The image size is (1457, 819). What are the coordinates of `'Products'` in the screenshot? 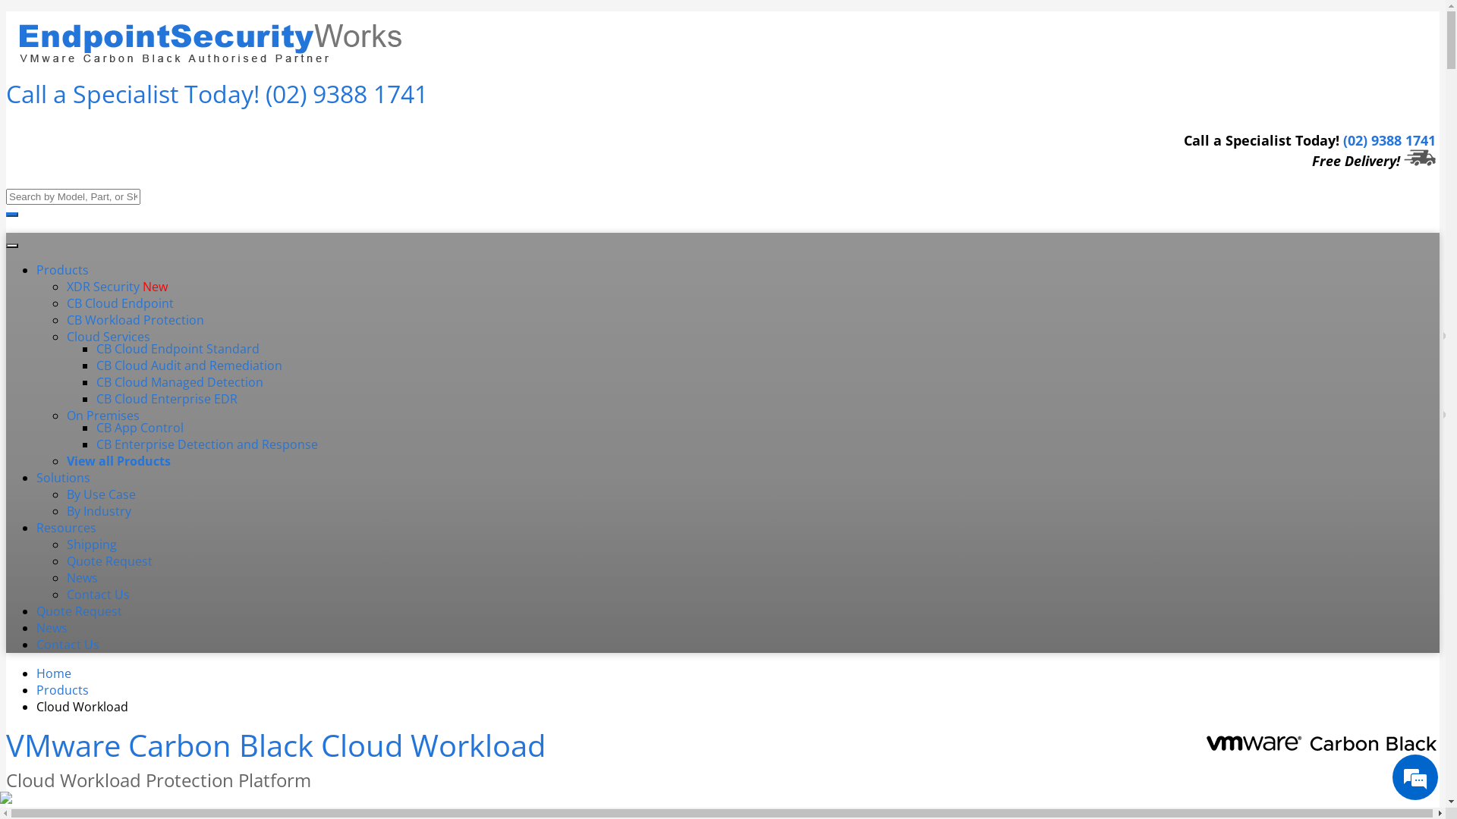 It's located at (36, 690).